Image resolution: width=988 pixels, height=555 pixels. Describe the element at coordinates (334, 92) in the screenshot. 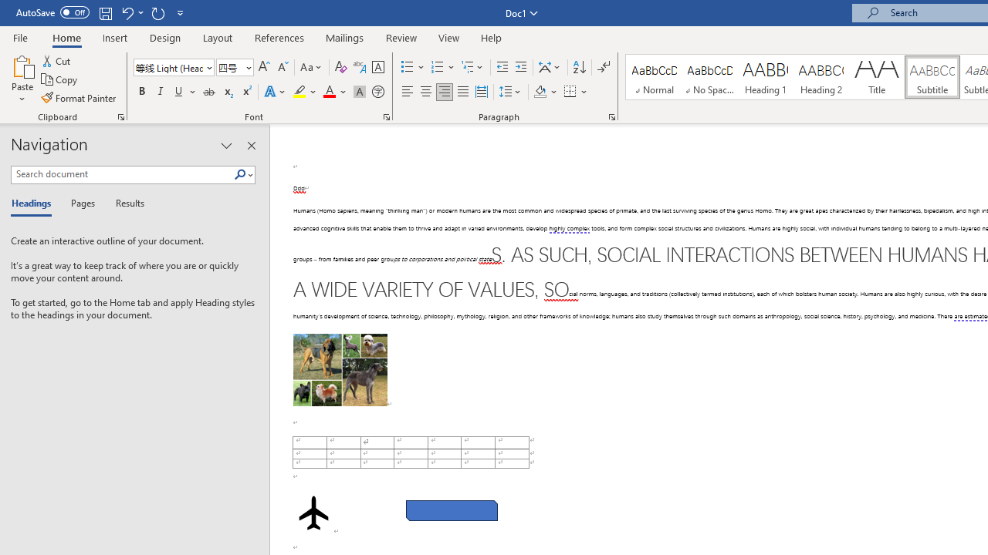

I see `'Font Color'` at that location.